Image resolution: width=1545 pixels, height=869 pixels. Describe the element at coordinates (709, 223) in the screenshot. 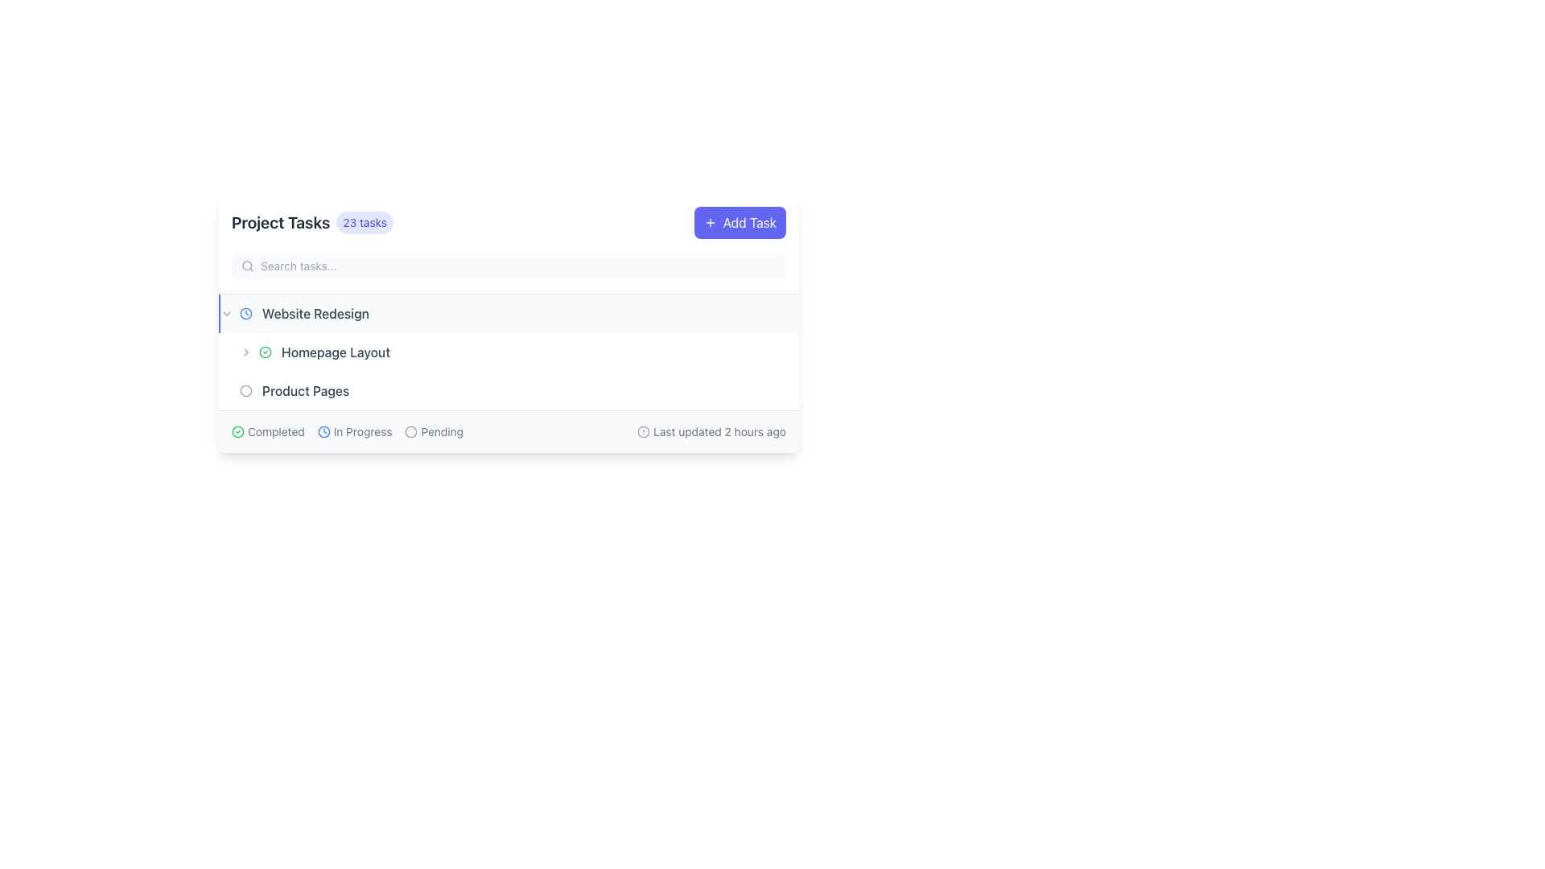

I see `the plus sign icon inside the 'Add Task' button located in the top-right corner of the interface` at that location.